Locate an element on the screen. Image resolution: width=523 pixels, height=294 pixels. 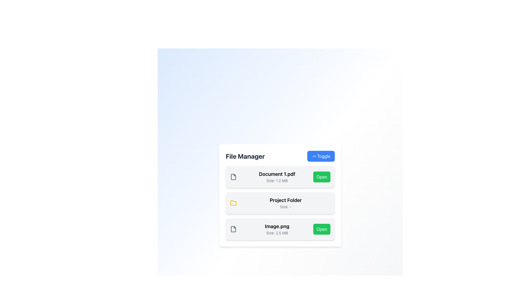
text content of the Text Label displaying 'Size: -' located beneath the 'Project Folder' label is located at coordinates (285, 207).